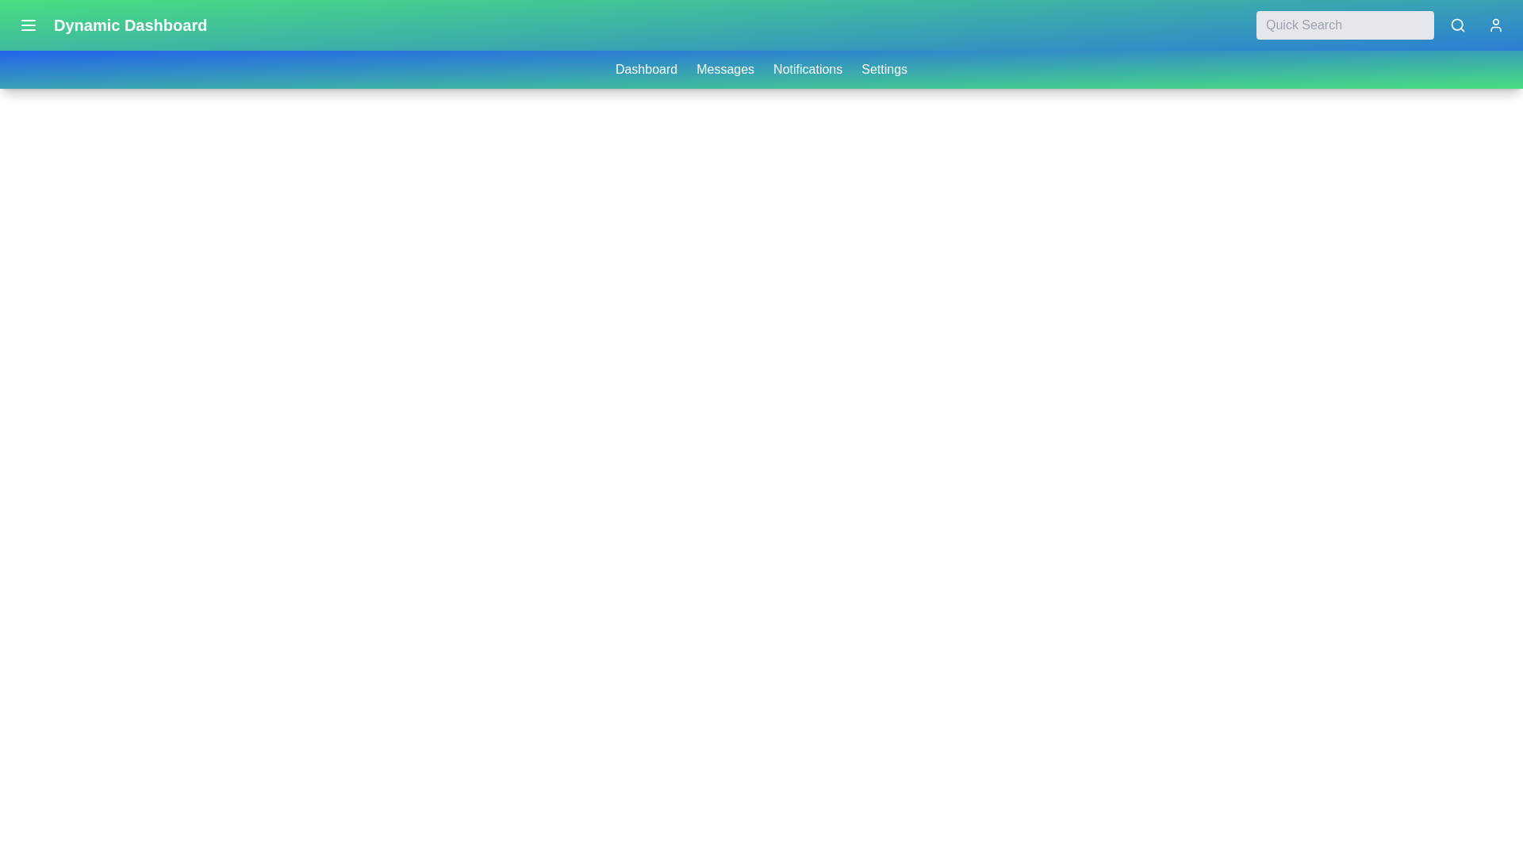 This screenshot has height=856, width=1523. What do you see at coordinates (646, 69) in the screenshot?
I see `the 'Dashboard' hyperlink text located at the top-center of the interface to trigger the underline effect` at bounding box center [646, 69].